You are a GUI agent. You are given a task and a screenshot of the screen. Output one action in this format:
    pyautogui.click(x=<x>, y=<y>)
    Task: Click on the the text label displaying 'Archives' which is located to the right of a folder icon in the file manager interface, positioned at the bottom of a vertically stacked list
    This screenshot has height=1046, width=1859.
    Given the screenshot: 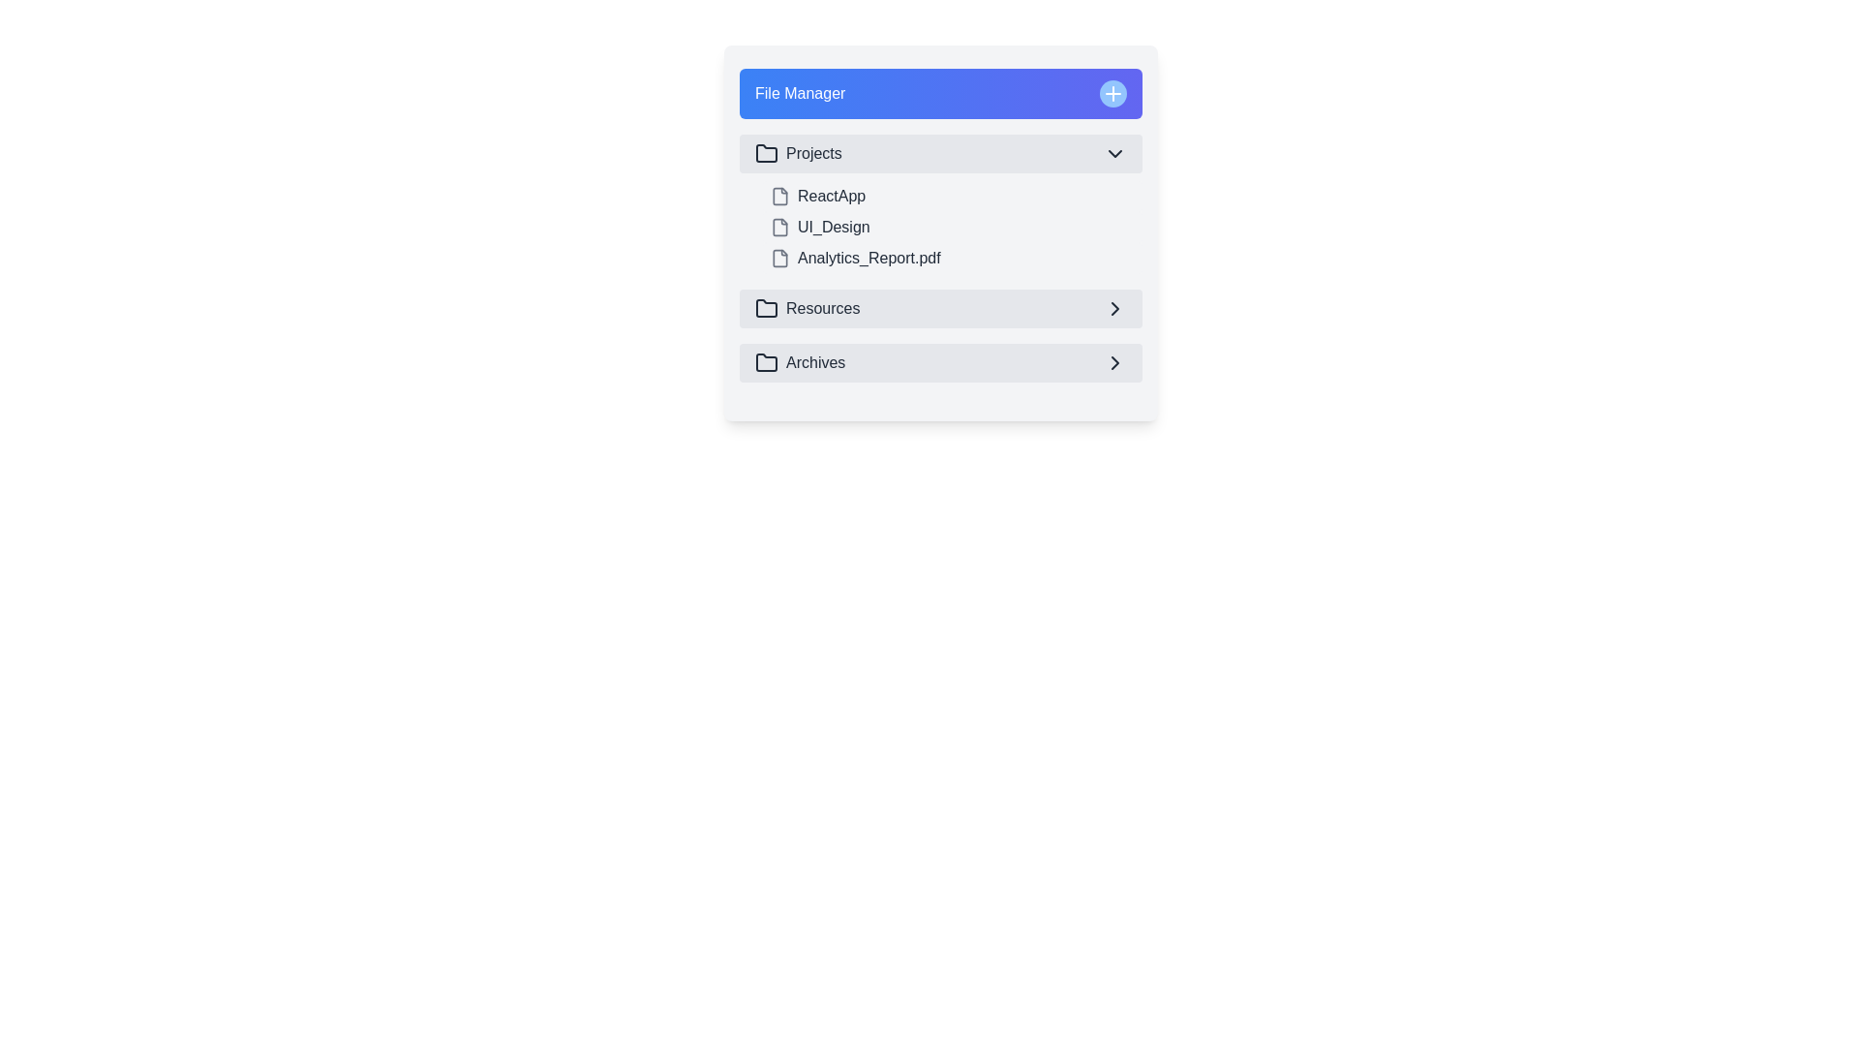 What is the action you would take?
    pyautogui.click(x=815, y=362)
    